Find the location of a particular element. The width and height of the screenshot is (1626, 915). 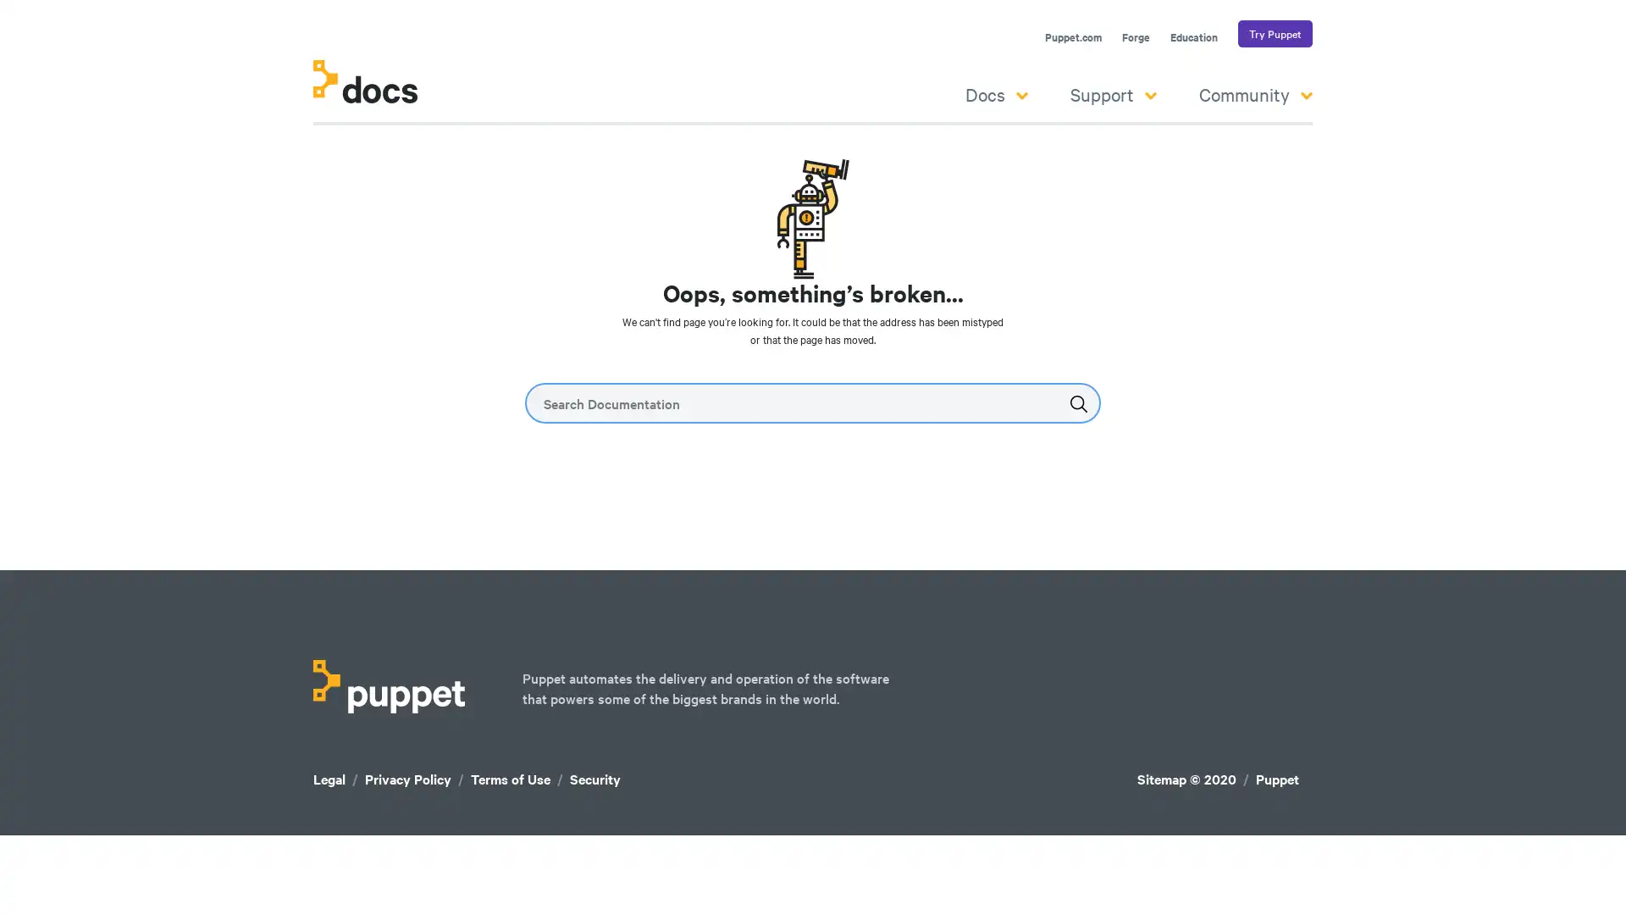

Community is located at coordinates (1256, 103).